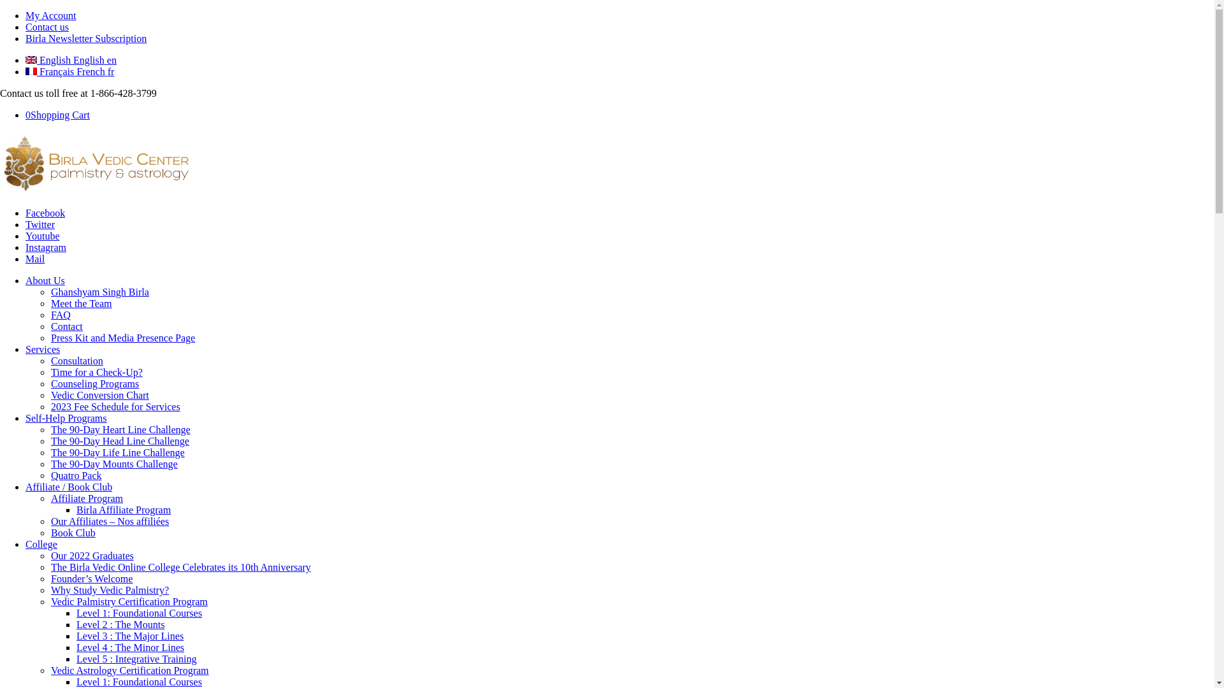 The width and height of the screenshot is (1224, 688). I want to click on 'Birla Affiliate Program', so click(76, 509).